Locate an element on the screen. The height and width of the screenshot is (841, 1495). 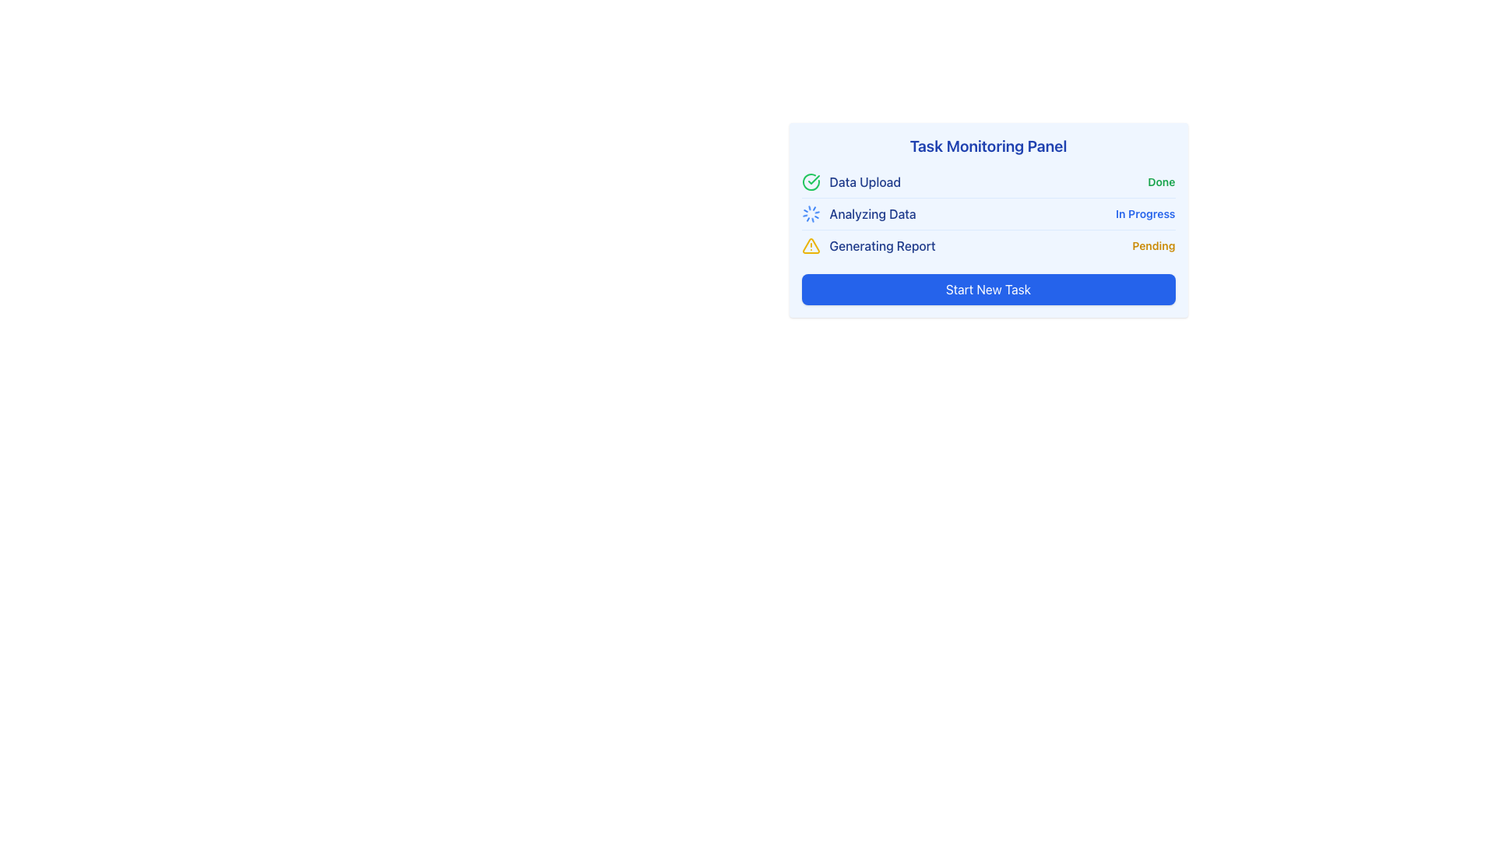
task statuses displayed in the List with task progress indicators located in the center of the 'Task Monitoring Panel' is located at coordinates (987, 213).